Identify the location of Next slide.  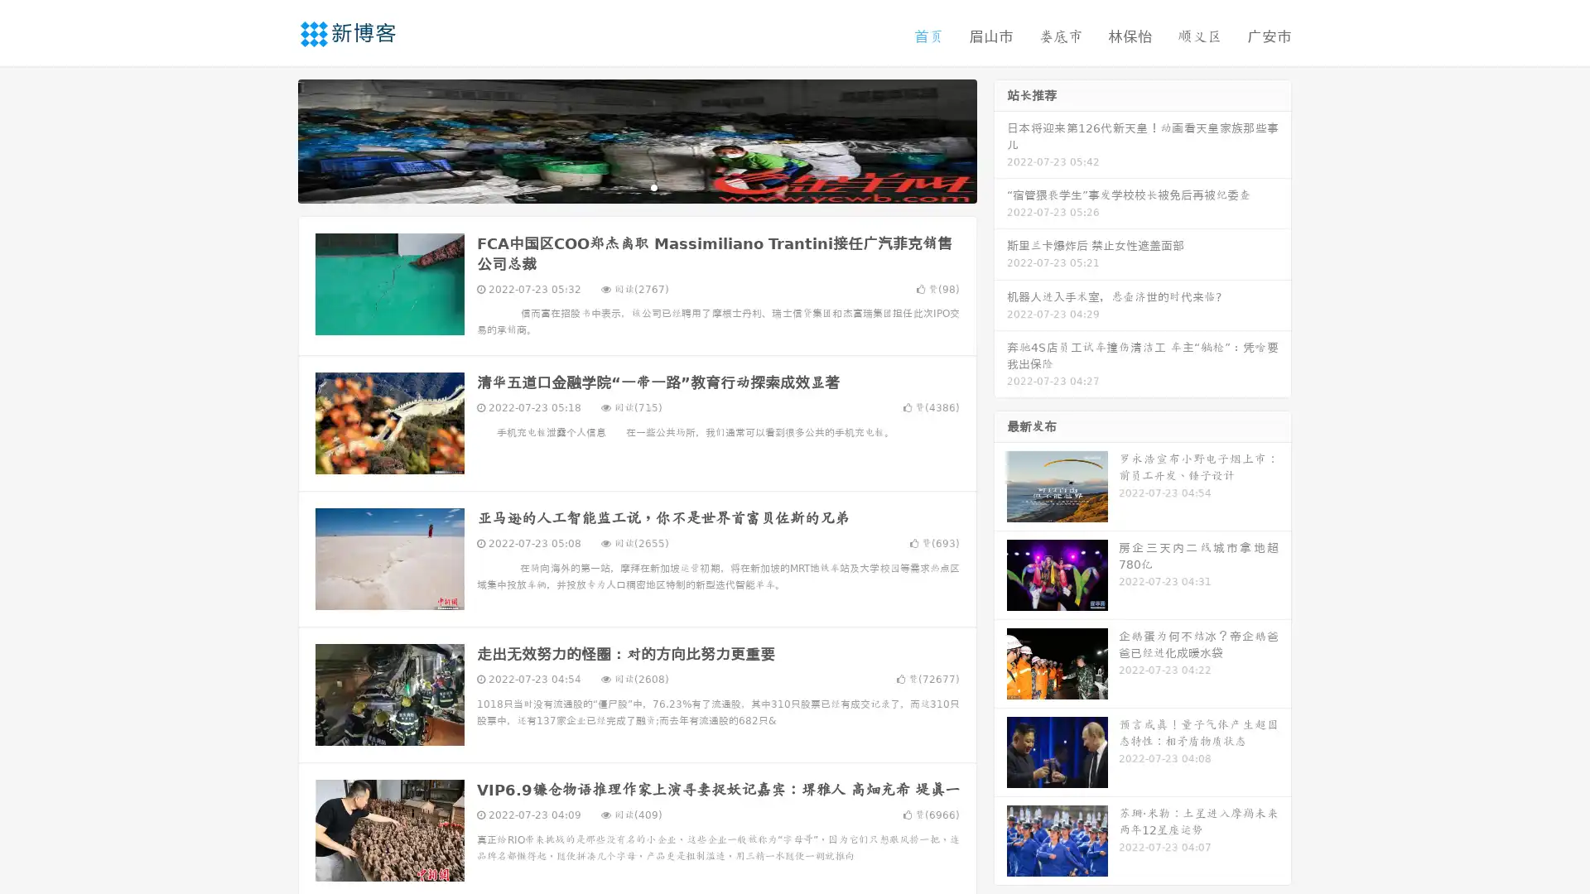
(1000, 139).